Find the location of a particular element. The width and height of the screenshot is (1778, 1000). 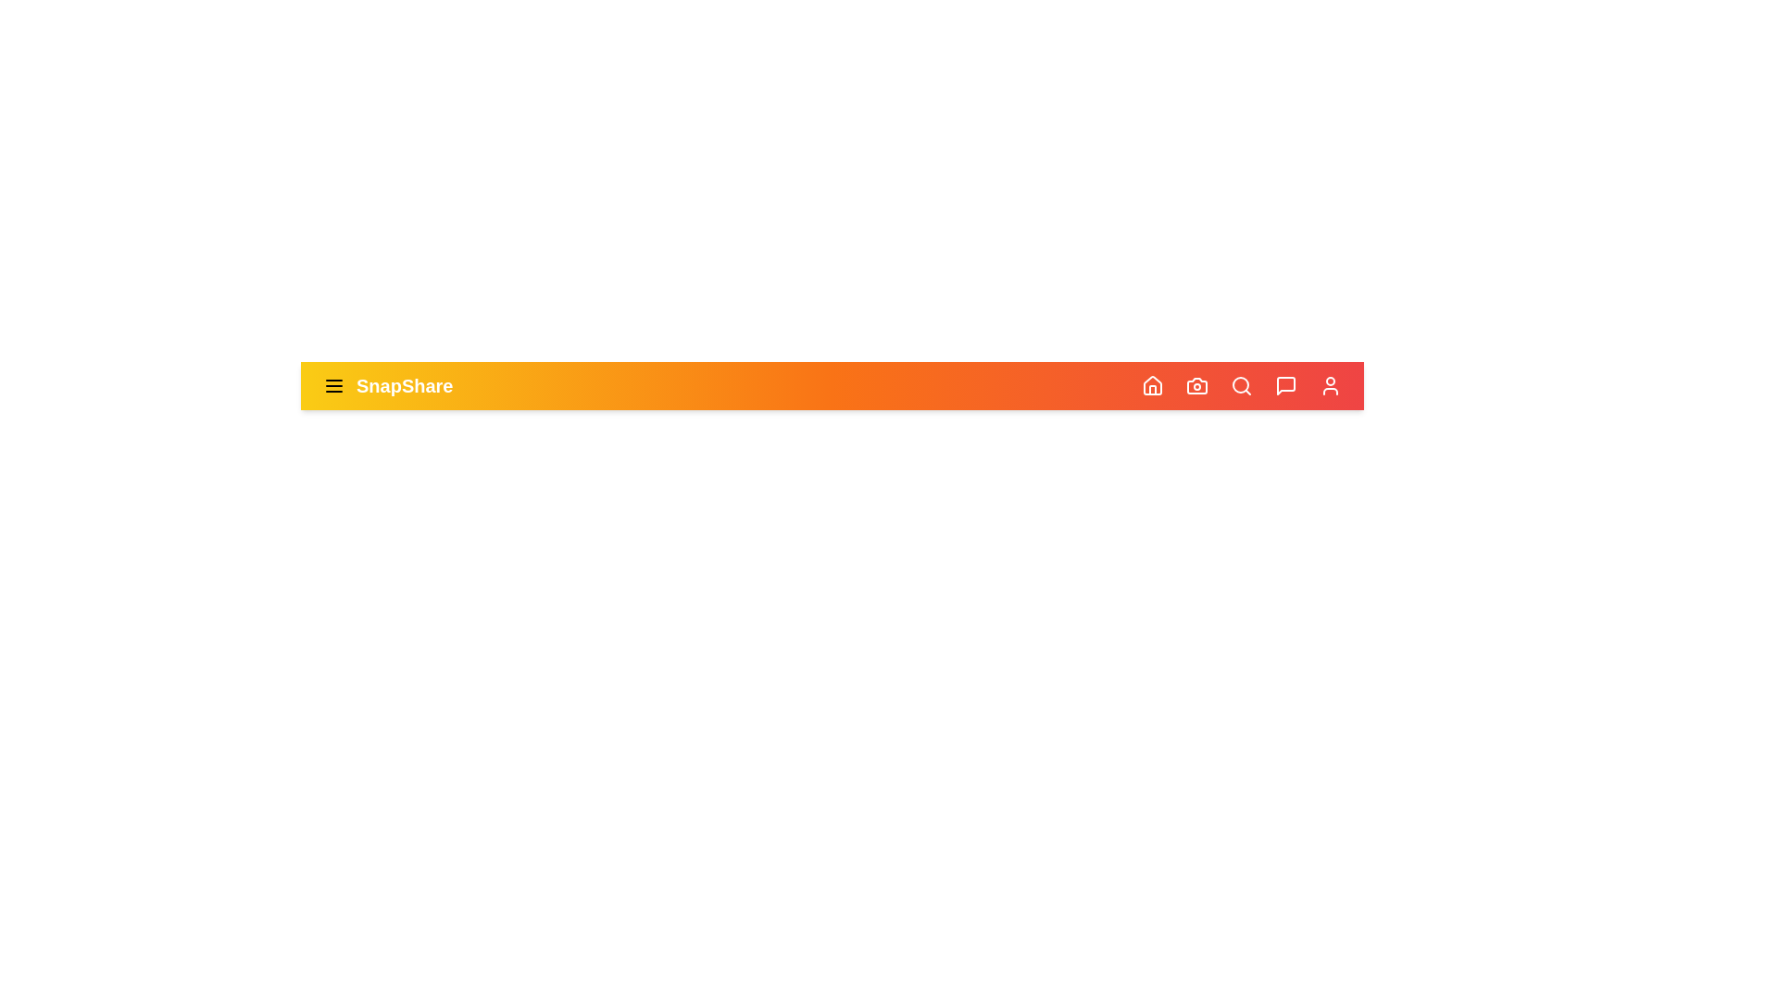

the menu icon to open the navigation drawer is located at coordinates (333, 384).